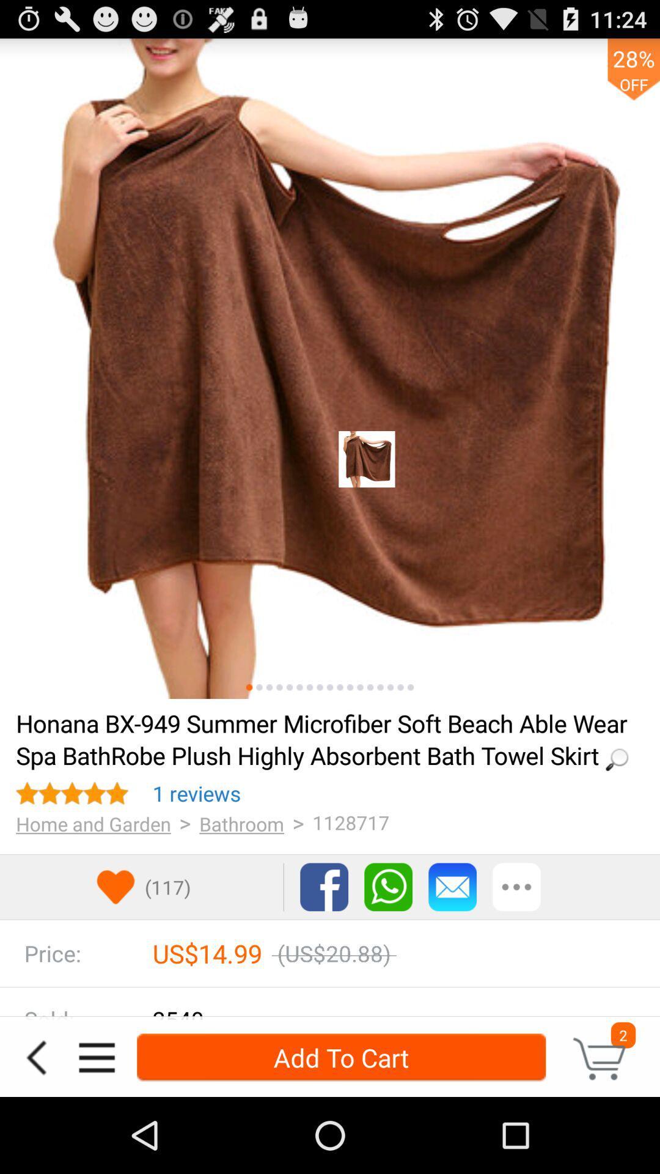  What do you see at coordinates (299, 687) in the screenshot?
I see `see sixth image` at bounding box center [299, 687].